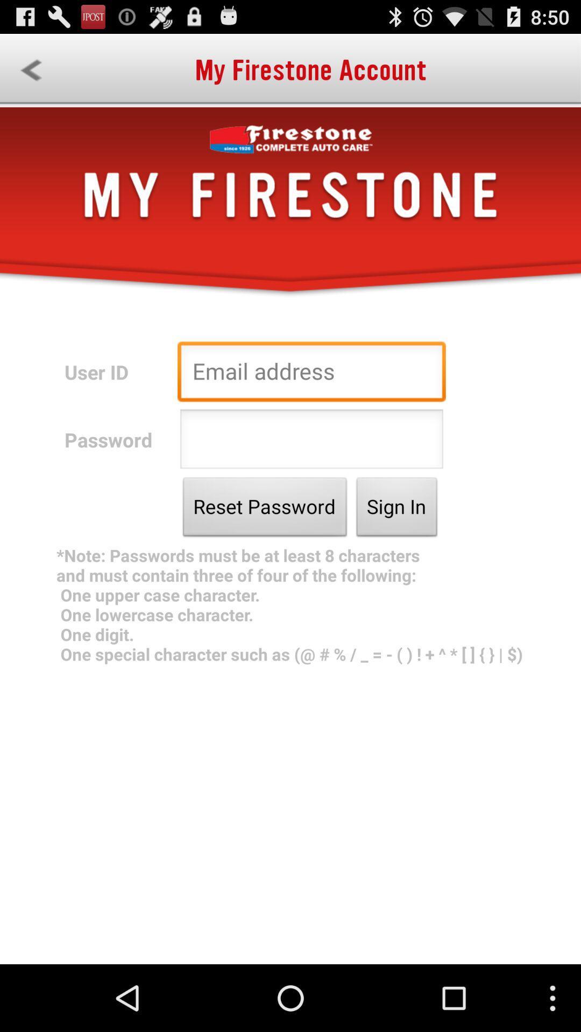 The height and width of the screenshot is (1032, 581). I want to click on item to the left of the sign in, so click(265, 509).